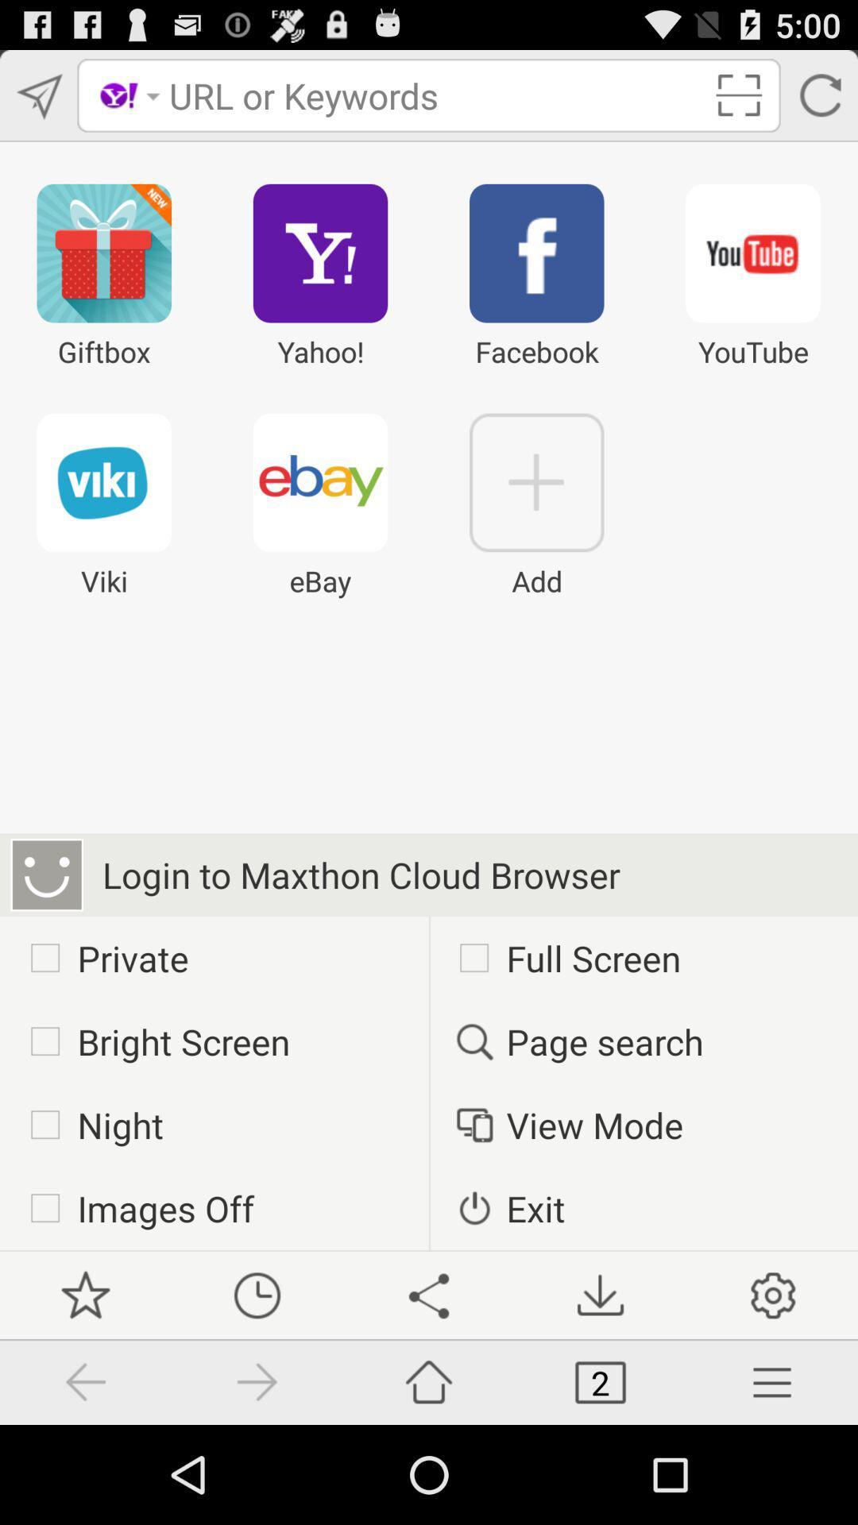 The width and height of the screenshot is (858, 1525). What do you see at coordinates (435, 95) in the screenshot?
I see `type url or keywords` at bounding box center [435, 95].